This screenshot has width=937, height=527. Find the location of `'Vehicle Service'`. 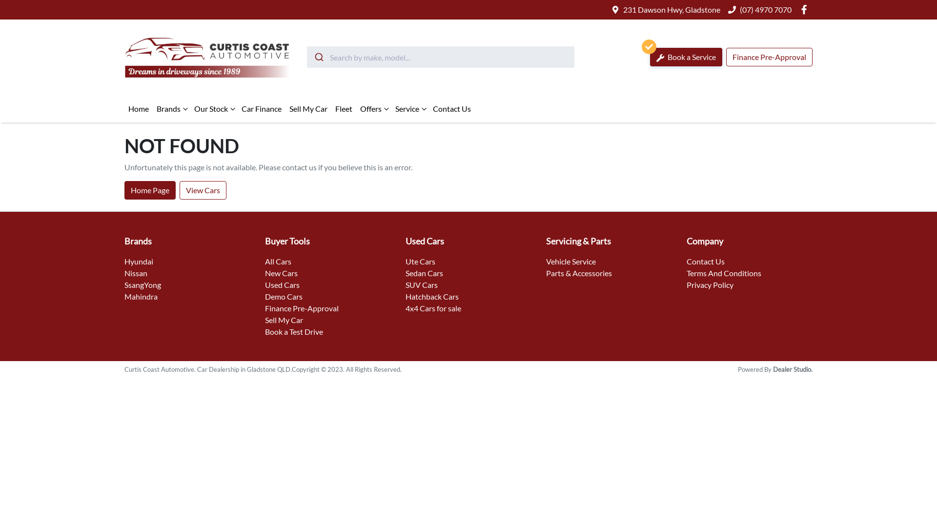

'Vehicle Service' is located at coordinates (571, 261).